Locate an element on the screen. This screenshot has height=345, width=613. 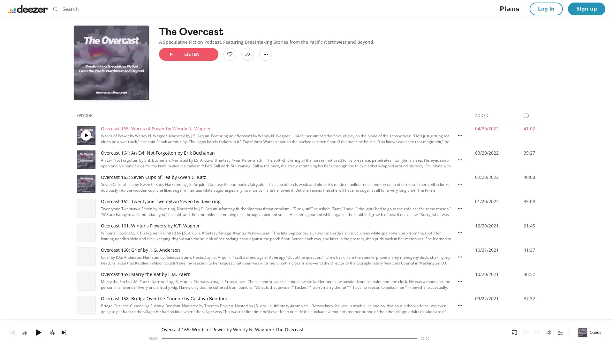
Play Overcast 165: Words of Power by Wendy N. Wagner by The Overcast is located at coordinates (86, 135).